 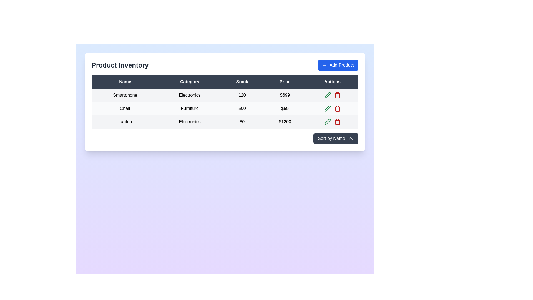 I want to click on the green fountain pen icon located in the 'Actions' column next to the red delete icon for the 'Chair' product item to initiate editing the product details, so click(x=327, y=95).